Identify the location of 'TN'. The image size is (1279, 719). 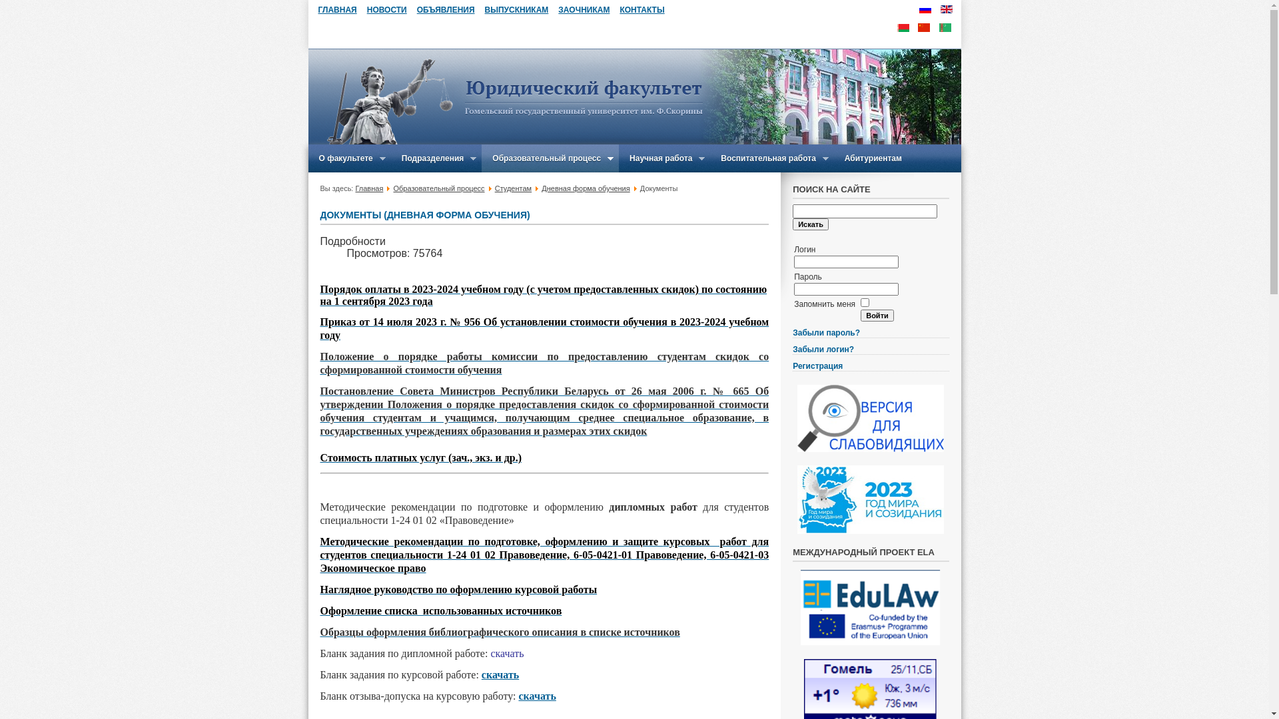
(945, 27).